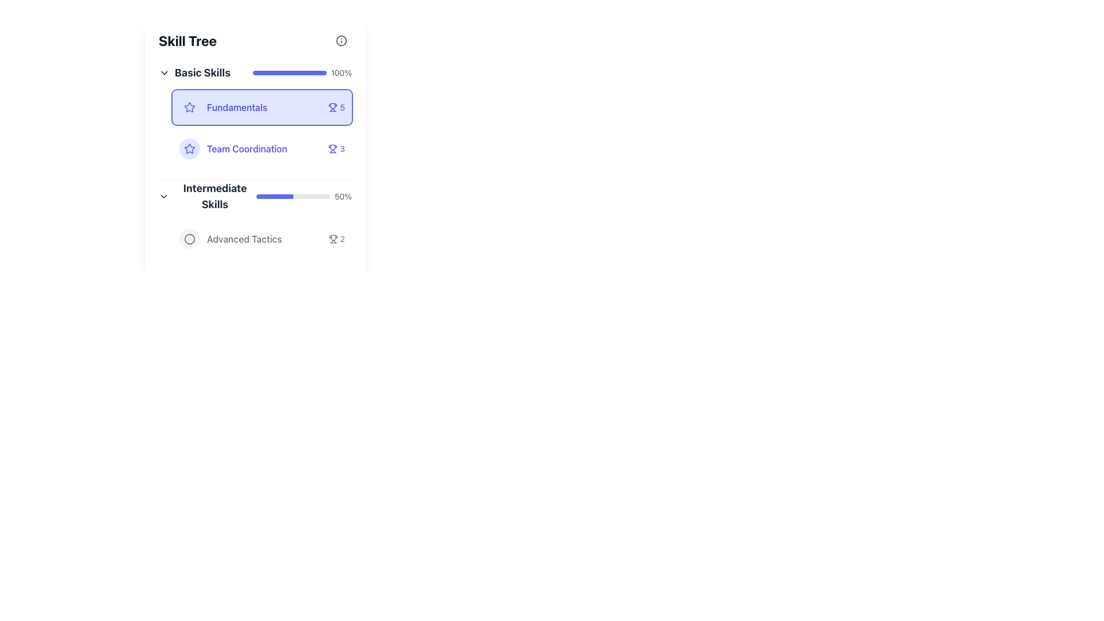  I want to click on the decorative icon associated with the 'Team Coordination' skill located in the top-left corner of the 'Basic Skills' section, so click(190, 148).